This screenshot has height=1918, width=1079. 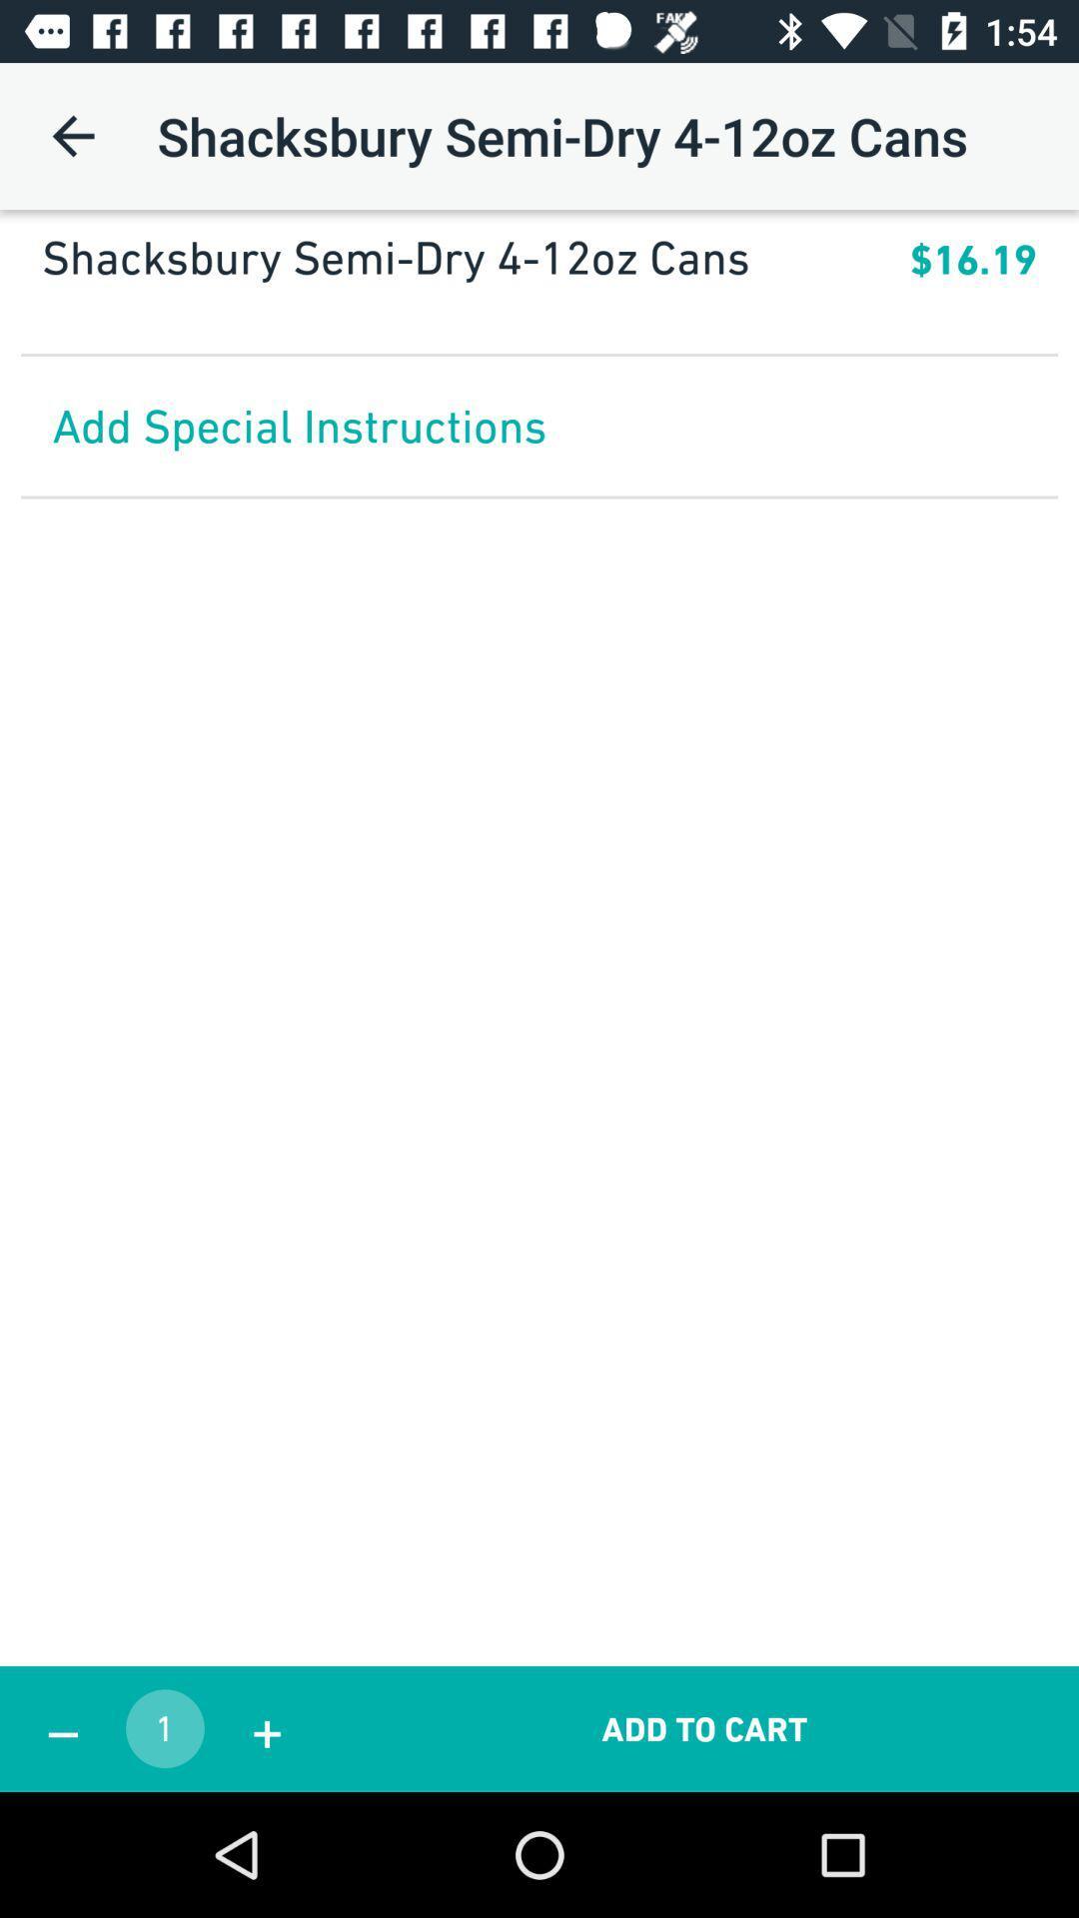 What do you see at coordinates (72, 135) in the screenshot?
I see `item at the top left corner` at bounding box center [72, 135].